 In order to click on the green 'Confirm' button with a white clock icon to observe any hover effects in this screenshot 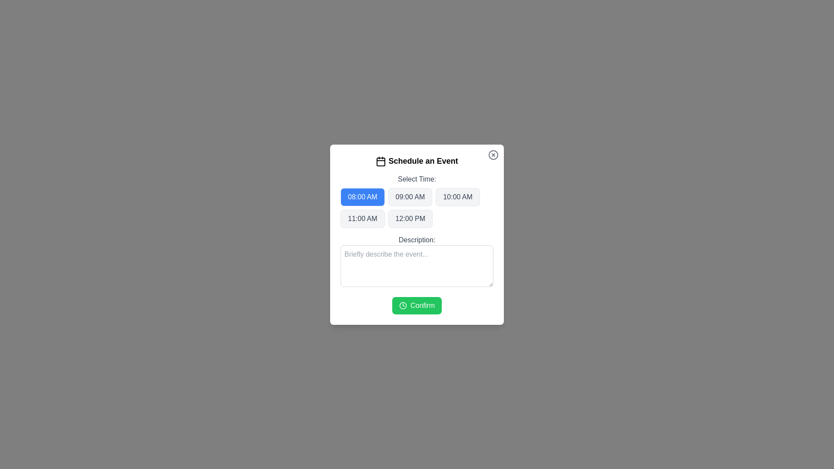, I will do `click(417, 305)`.